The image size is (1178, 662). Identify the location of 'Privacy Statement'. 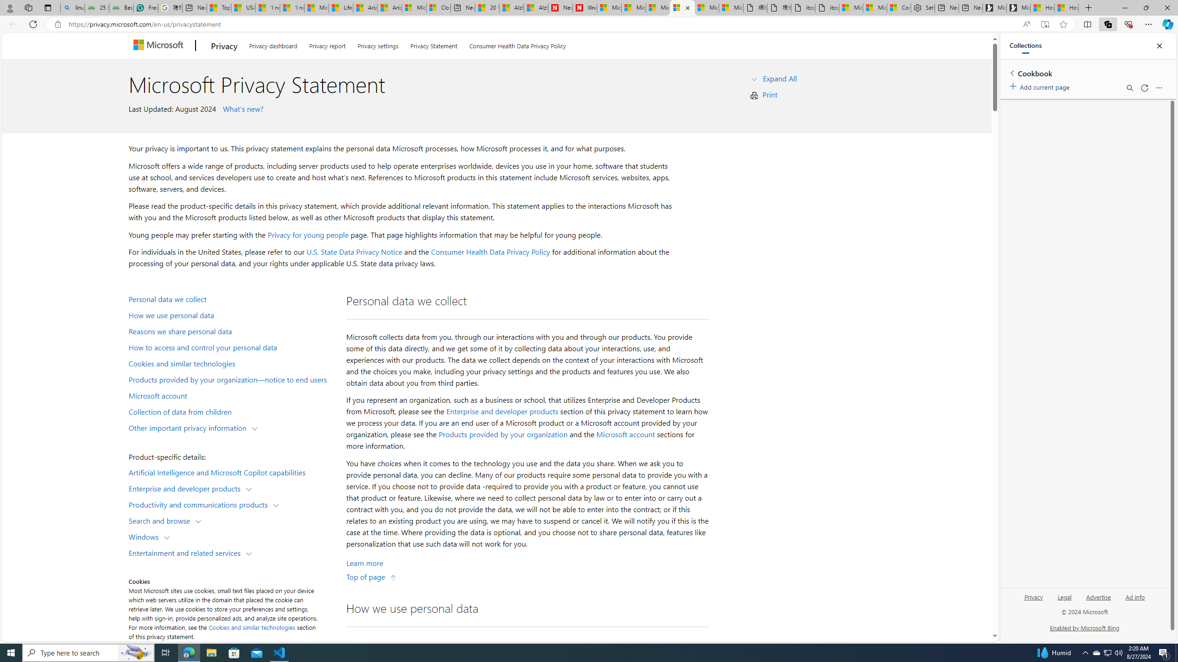
(433, 44).